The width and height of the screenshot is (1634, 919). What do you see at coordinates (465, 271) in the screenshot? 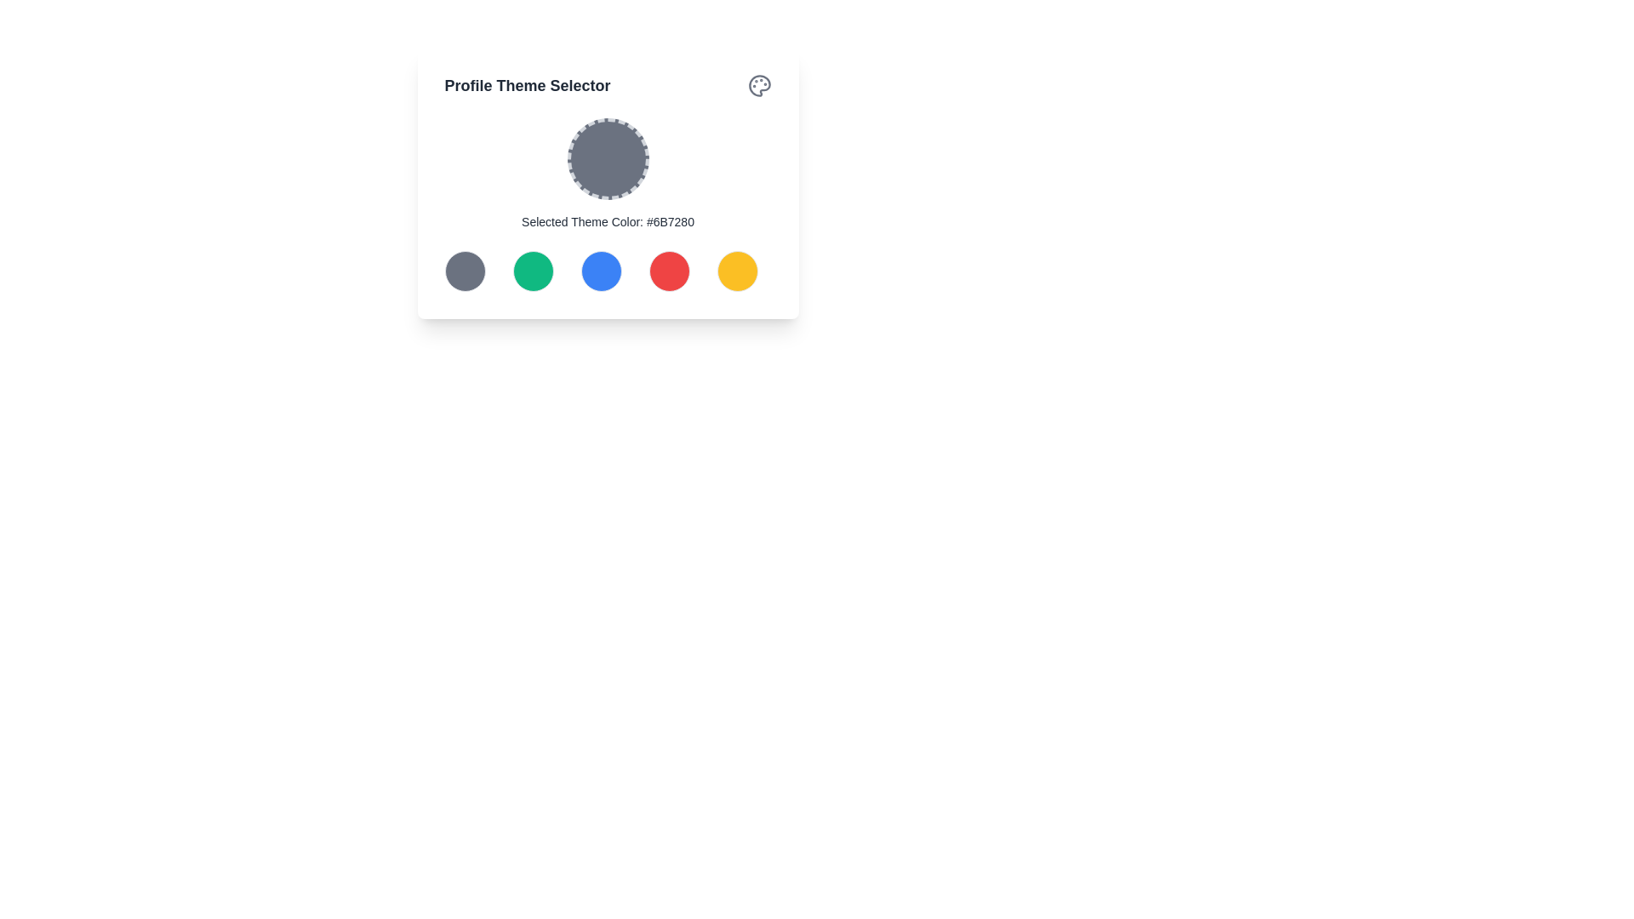
I see `the first circular button with a dark gray fill color in the 'Profile Theme Selector' panel` at bounding box center [465, 271].